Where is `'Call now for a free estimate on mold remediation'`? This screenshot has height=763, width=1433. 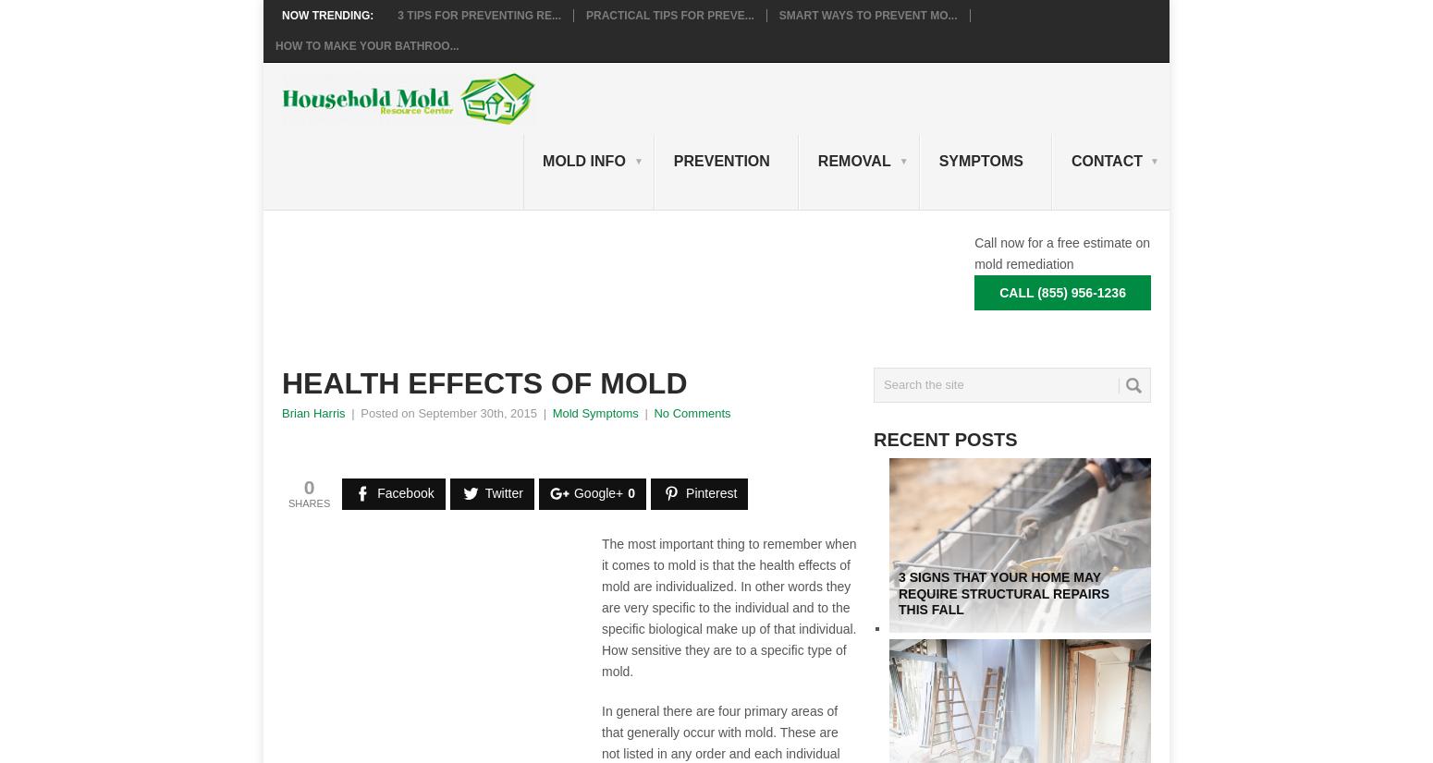 'Call now for a free estimate on mold remediation' is located at coordinates (1061, 251).